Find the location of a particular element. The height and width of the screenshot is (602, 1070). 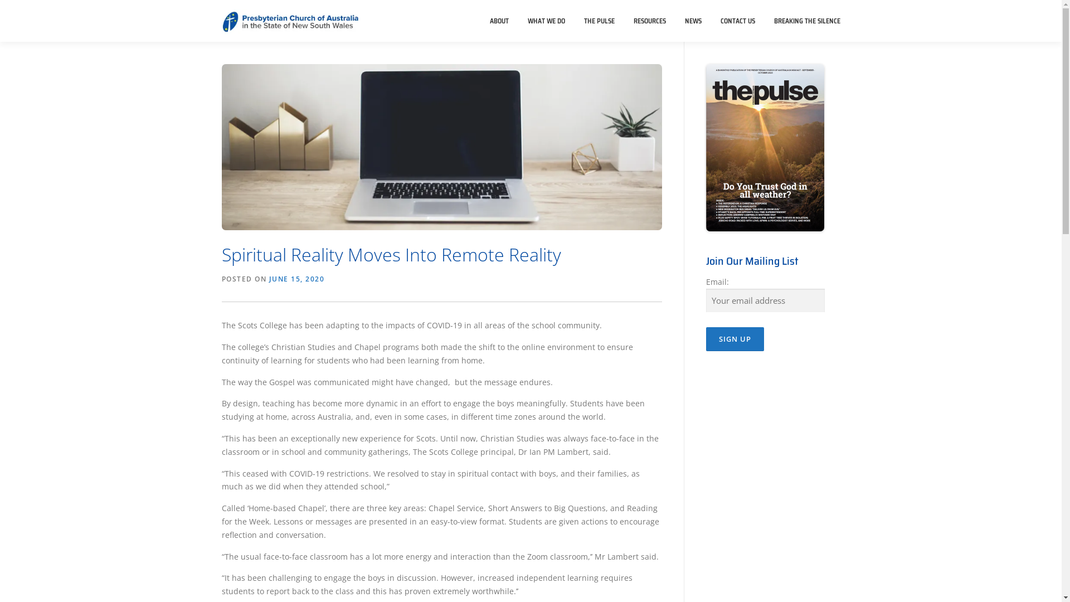

'BREAKING THE SILENCE' is located at coordinates (802, 21).